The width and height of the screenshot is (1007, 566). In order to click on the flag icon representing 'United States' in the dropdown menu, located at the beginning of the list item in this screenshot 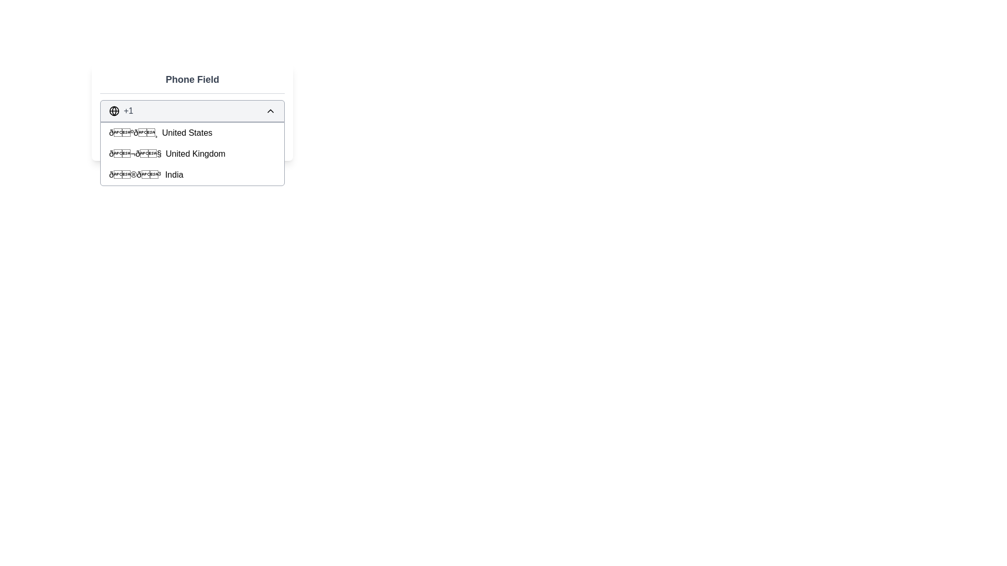, I will do `click(133, 133)`.